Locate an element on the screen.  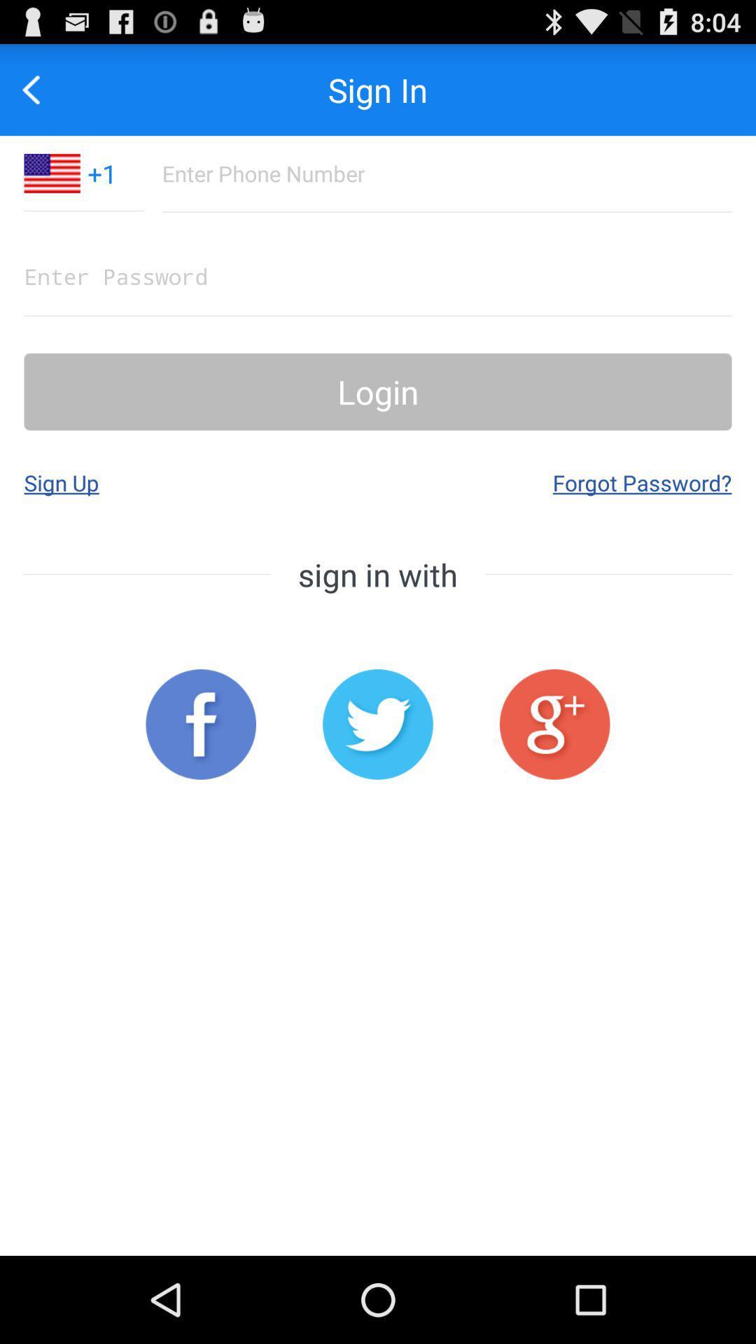
sign in with facebook is located at coordinates (201, 724).